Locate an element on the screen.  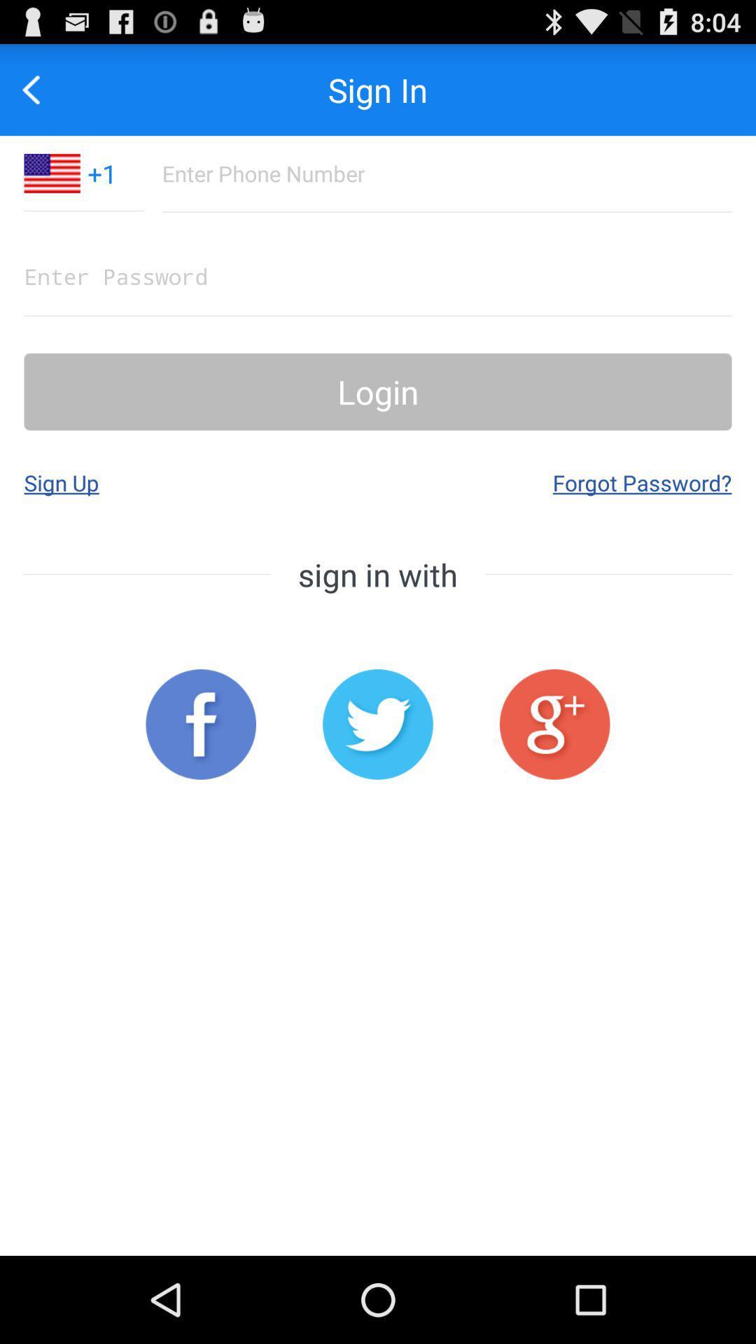
sign in with facebook is located at coordinates (201, 724).